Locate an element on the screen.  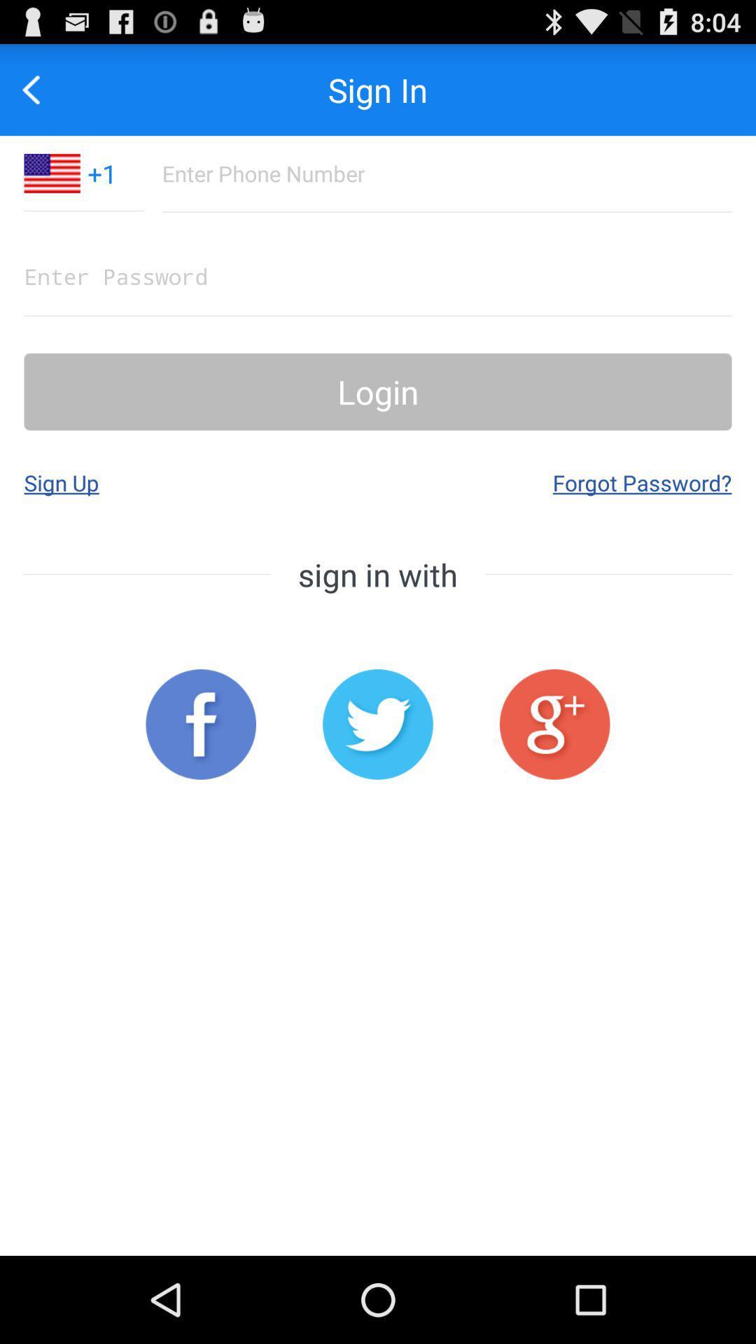
sign in with facebook is located at coordinates (201, 724).